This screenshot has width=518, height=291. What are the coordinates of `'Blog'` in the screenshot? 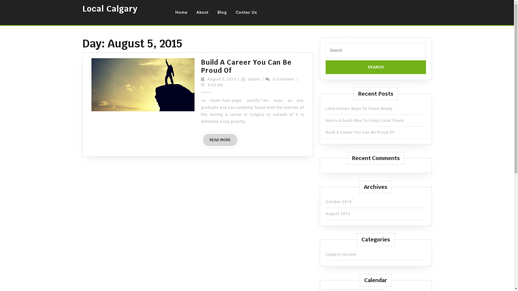 It's located at (222, 12).